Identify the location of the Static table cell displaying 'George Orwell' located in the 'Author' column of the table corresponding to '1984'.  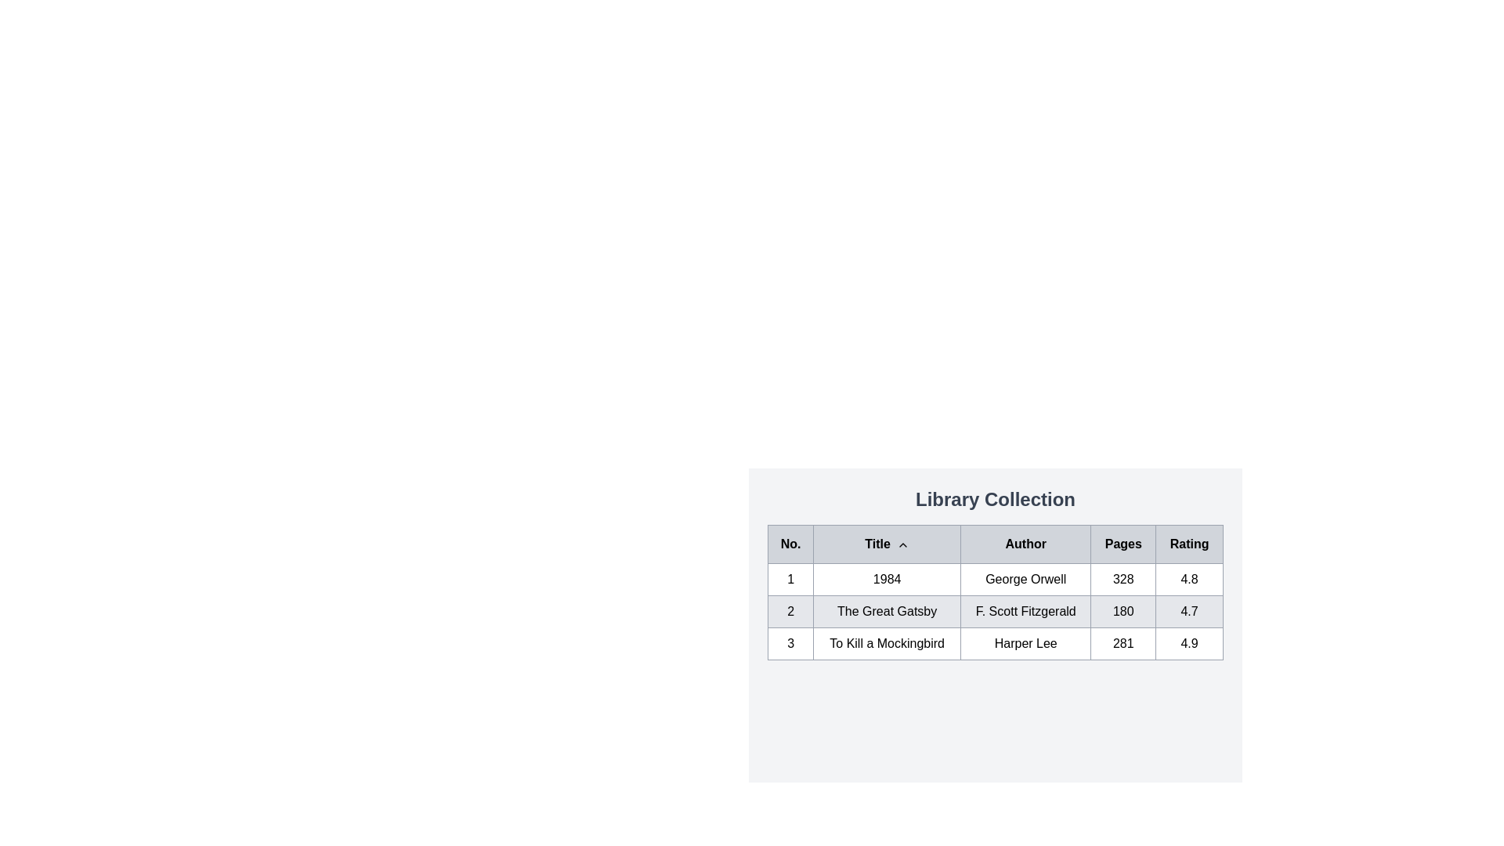
(1025, 580).